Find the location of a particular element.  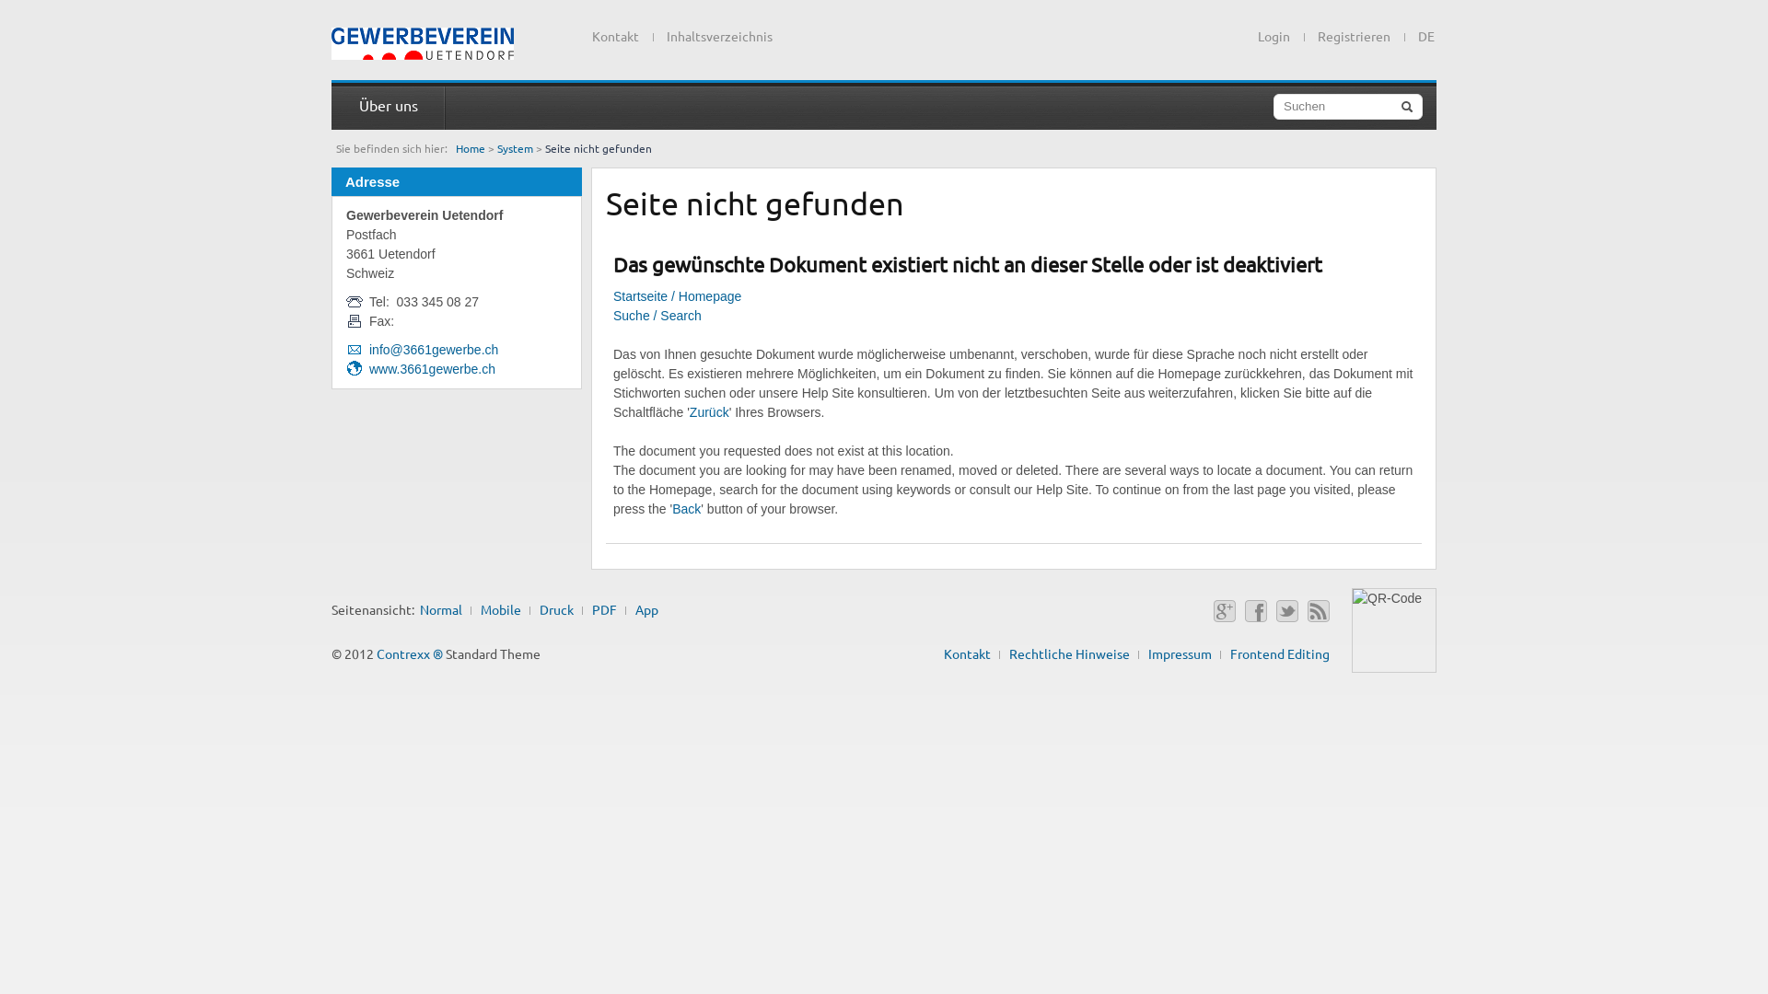

'Impressum' is located at coordinates (1180, 652).